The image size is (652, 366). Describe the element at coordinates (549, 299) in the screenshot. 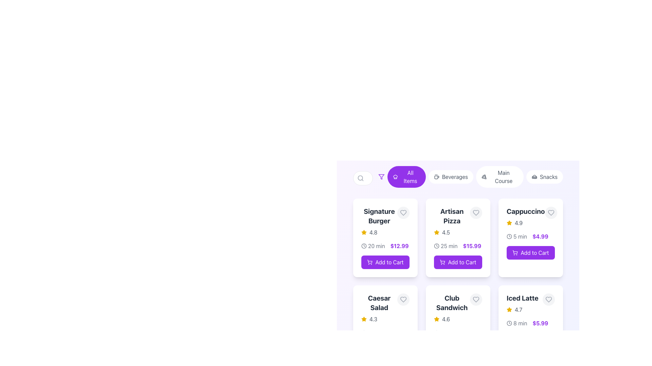

I see `the heart icon within the circular, soft gray button located at the top-right corner of the 'Iced Latte' product card to mark or unmark it as a favorite` at that location.